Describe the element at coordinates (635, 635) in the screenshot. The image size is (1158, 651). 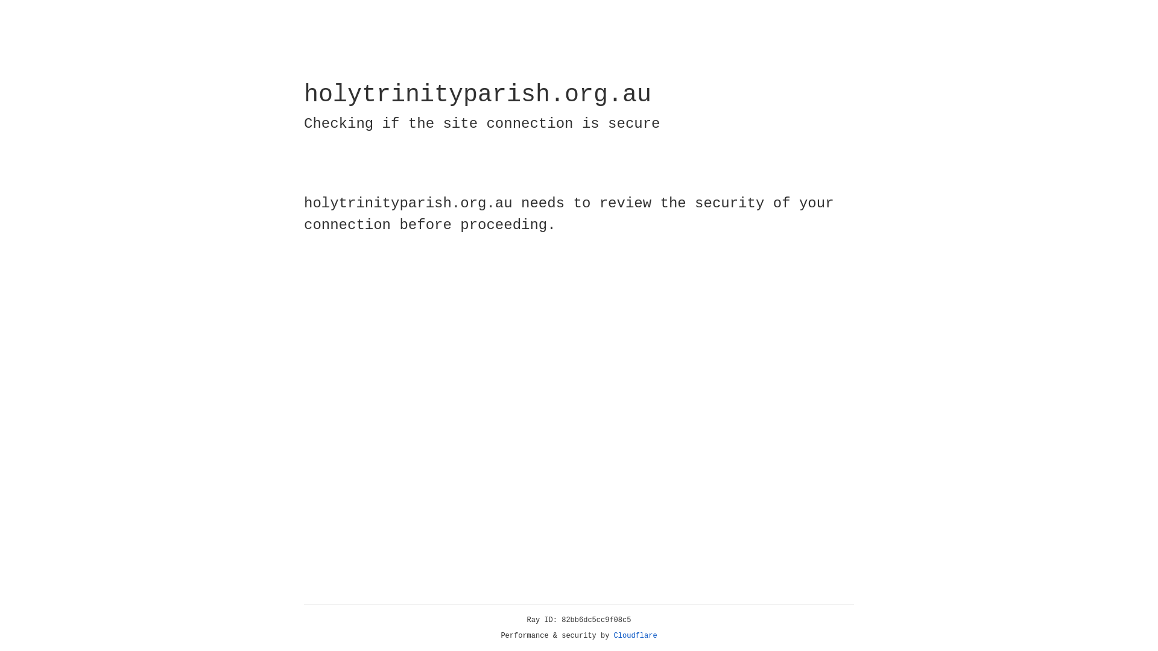
I see `'Cloudflare'` at that location.